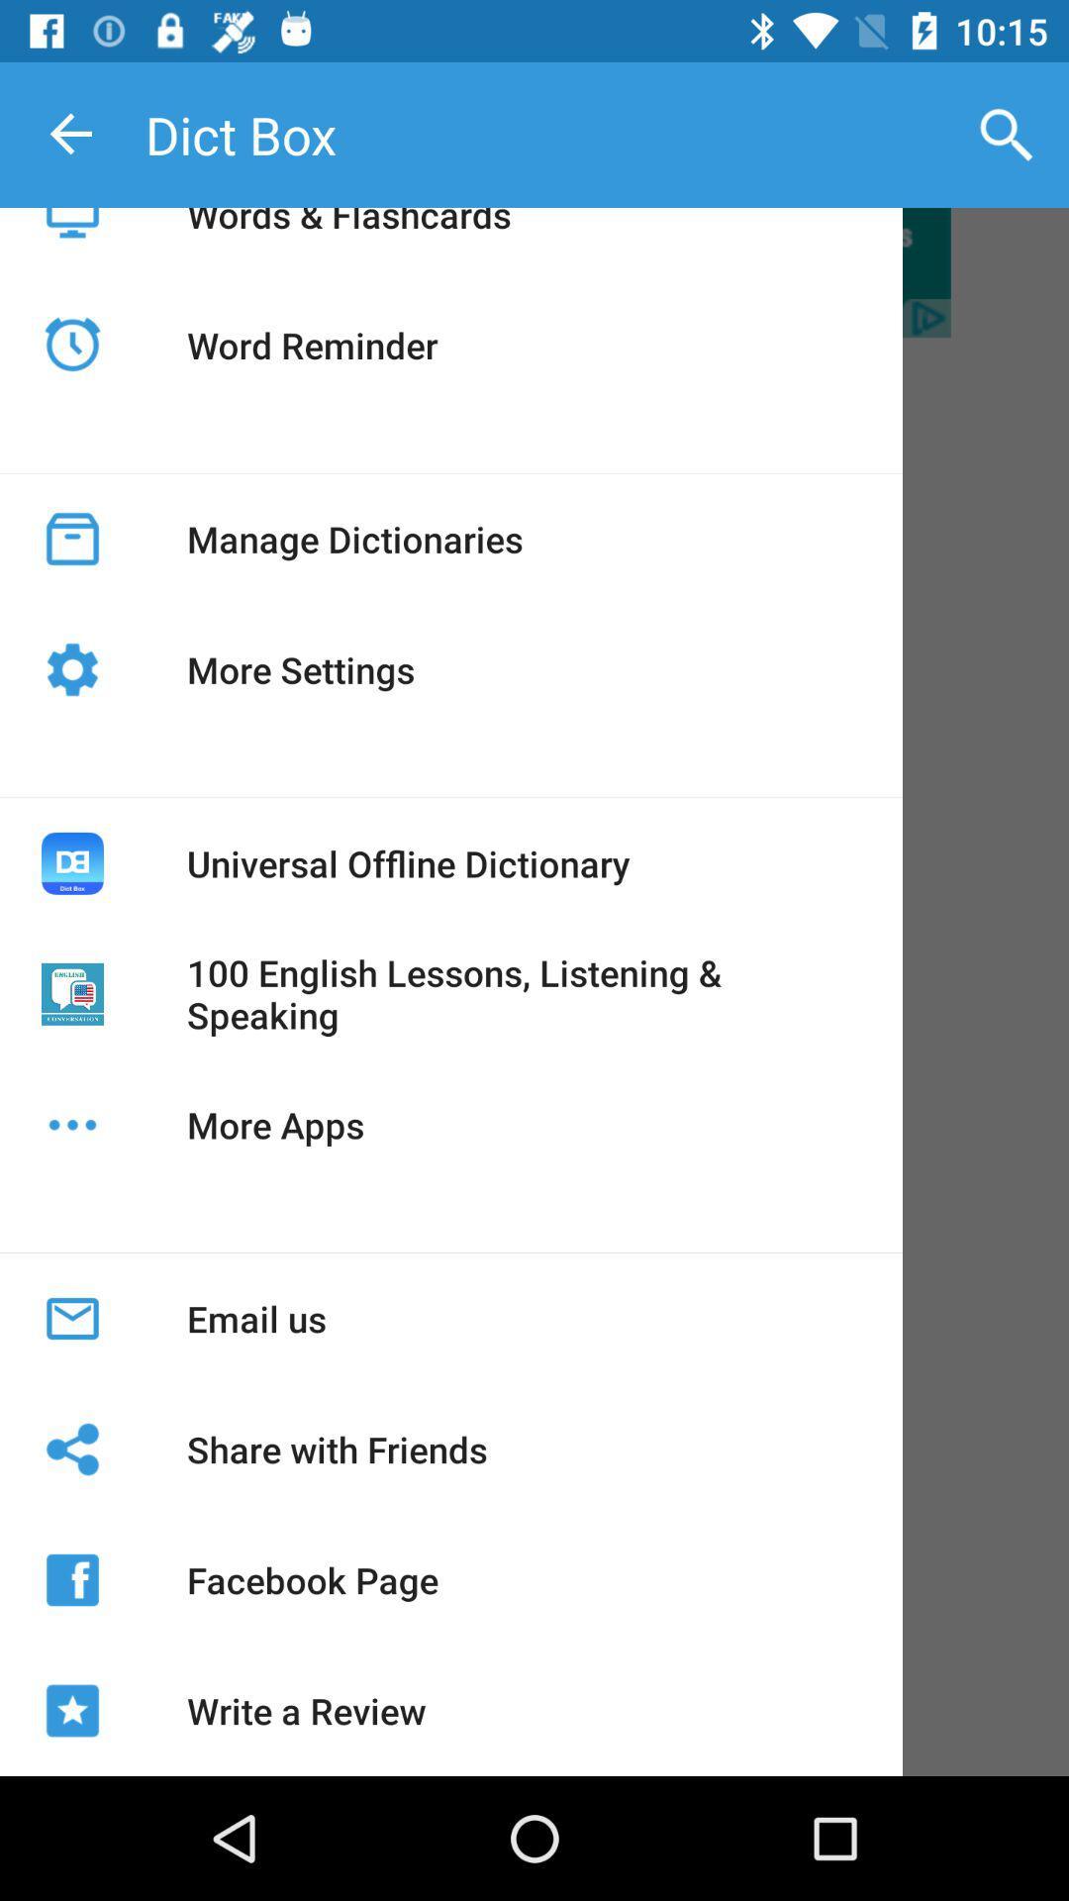 Image resolution: width=1069 pixels, height=1901 pixels. Describe the element at coordinates (275, 1125) in the screenshot. I see `the more apps icon` at that location.